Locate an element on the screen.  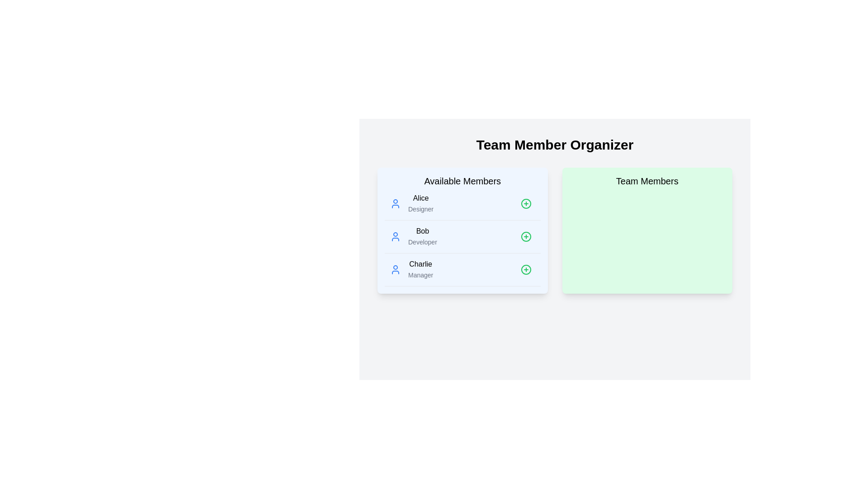
the blue user icon representing a person in the 'Available Members' section, which is located to the left of the text 'Charlie' and 'Manager' in the third row is located at coordinates (395, 269).